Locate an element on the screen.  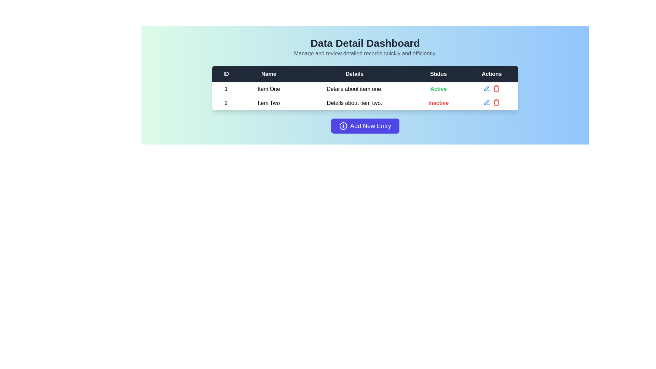
the Text Header displaying 'Data Detail Dashboard' at the top-center of the interface is located at coordinates (365, 43).